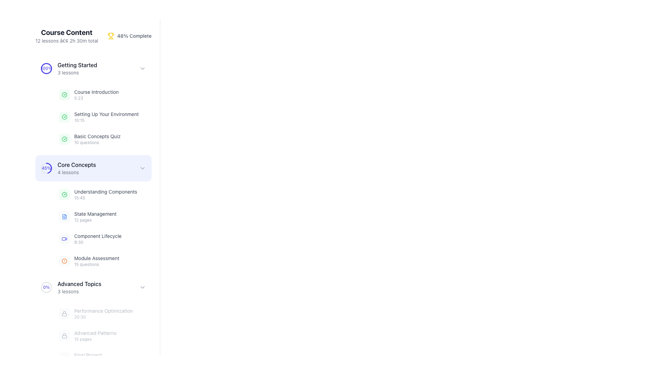  What do you see at coordinates (106, 117) in the screenshot?
I see `the second list item under the 'Getting Started' section to activate keyboard navigation` at bounding box center [106, 117].